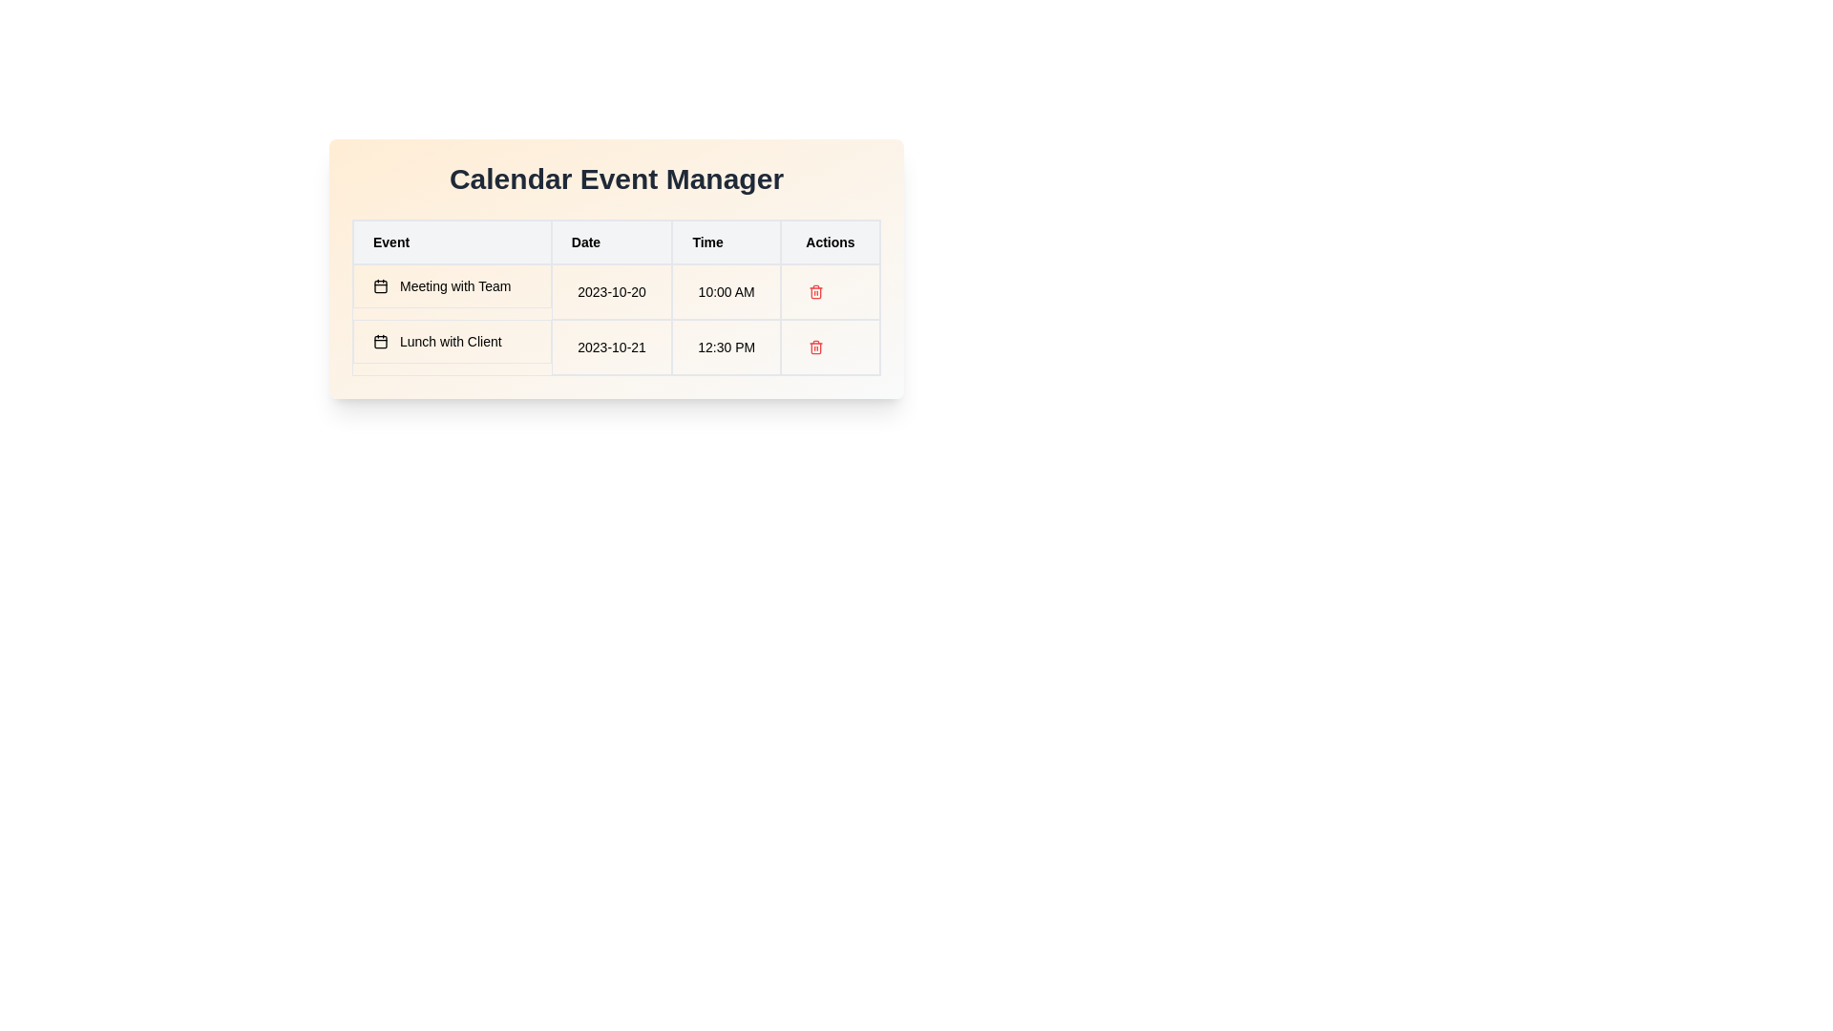 The image size is (1833, 1031). What do you see at coordinates (815, 347) in the screenshot?
I see `the Icon button in the 'Actions' column of the second row in the 'Calendar Event Manager' table` at bounding box center [815, 347].